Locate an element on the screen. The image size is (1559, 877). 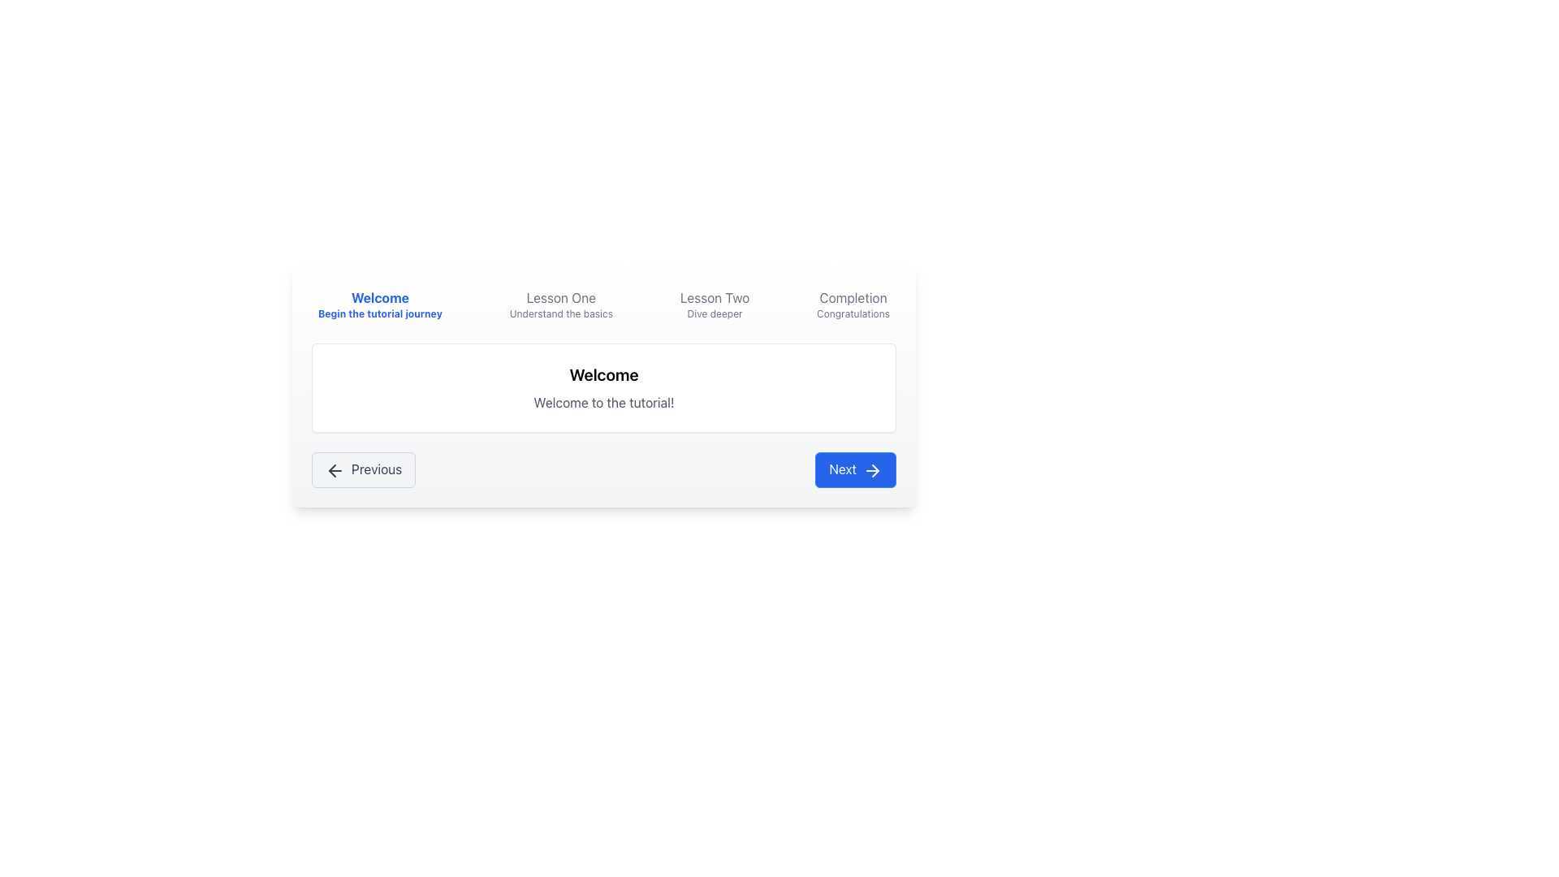
the text label reading 'Dive deeper', which is styled in gray and serves as a subtitle beneath 'Lesson Two' is located at coordinates (715, 313).